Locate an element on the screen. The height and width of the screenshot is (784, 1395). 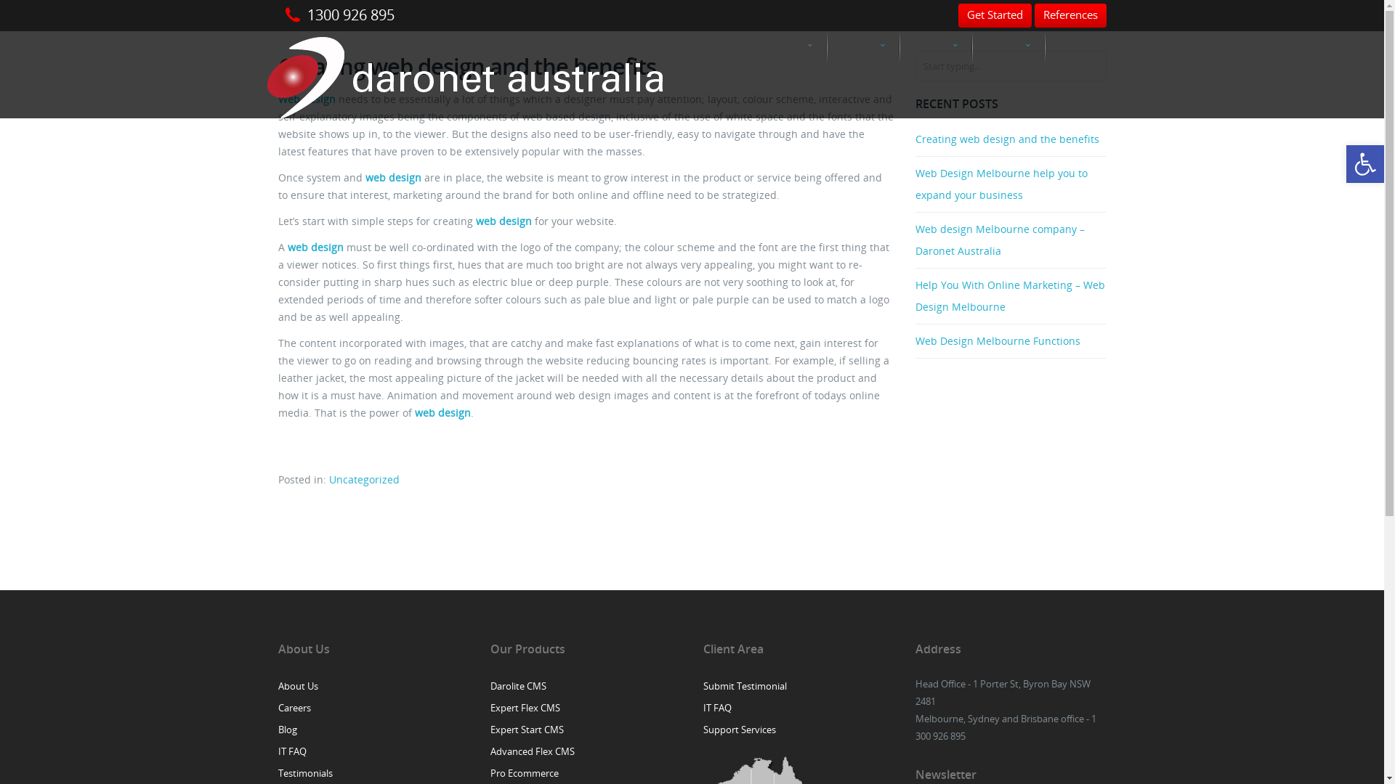
'Testimonials' is located at coordinates (304, 772).